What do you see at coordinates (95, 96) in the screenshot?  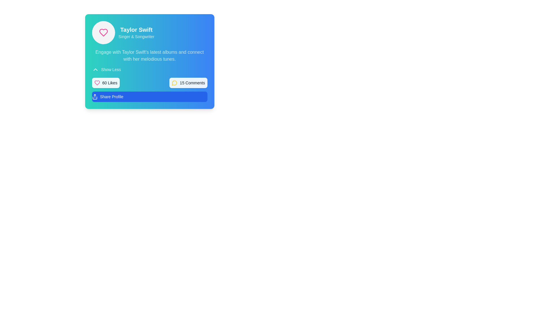 I see `the share icon element, which is a white share symbol outlined in blue, located to the left of the 'Share Profile' text on a blue button at the bottom of the card interface` at bounding box center [95, 96].